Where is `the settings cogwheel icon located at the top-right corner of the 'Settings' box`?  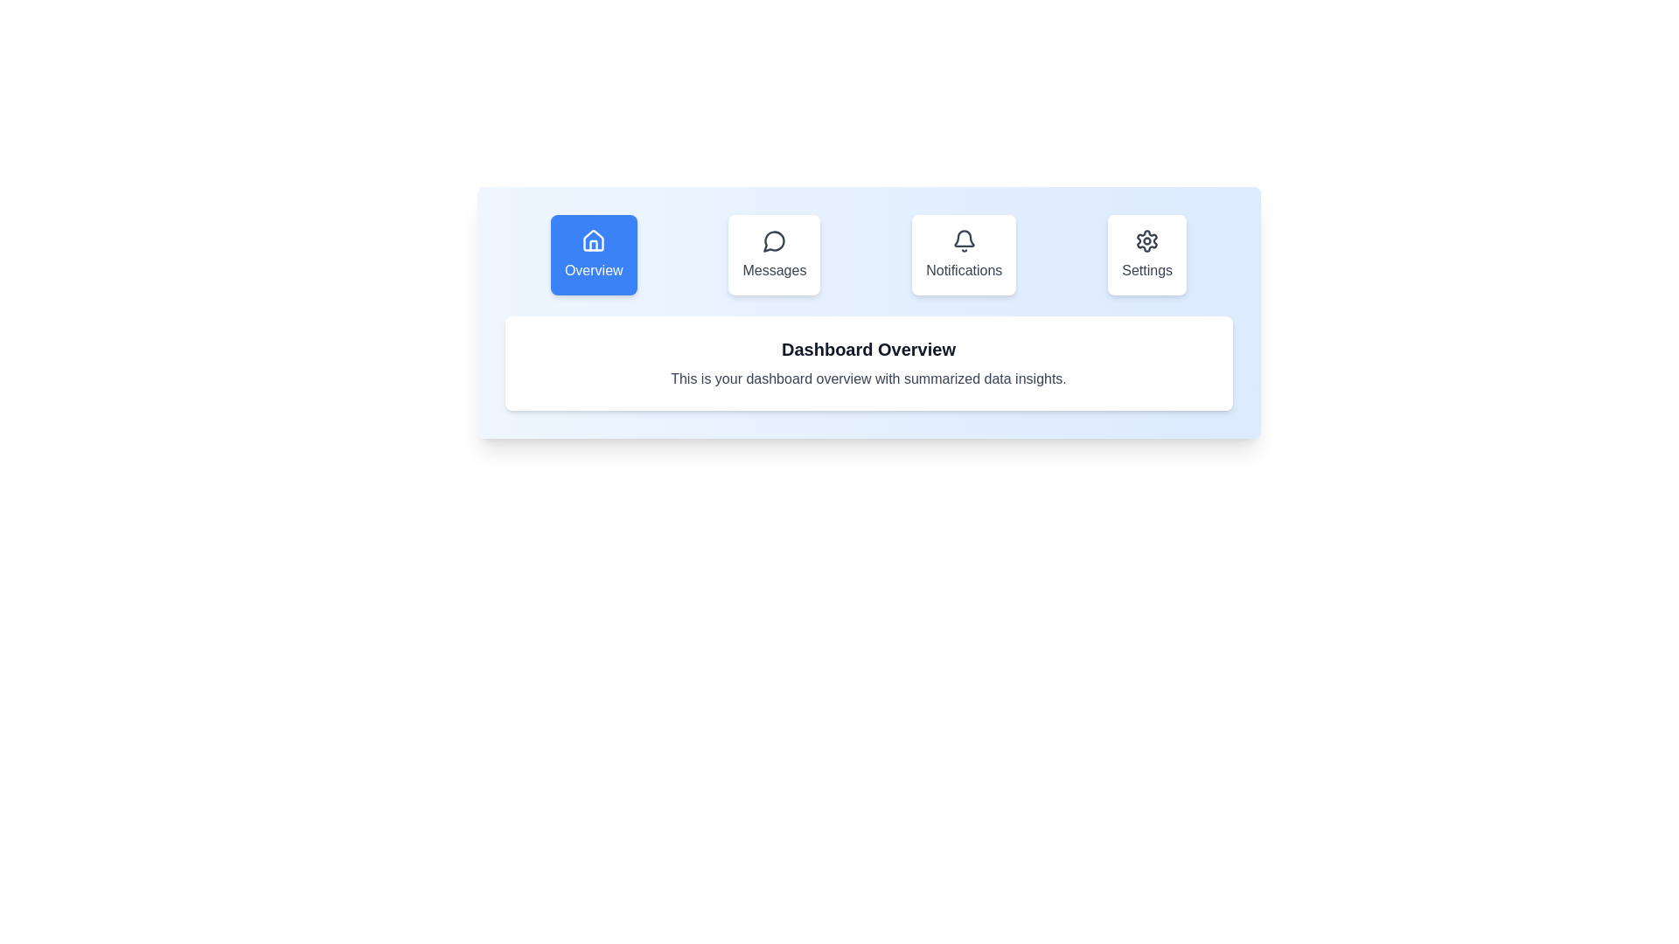
the settings cogwheel icon located at the top-right corner of the 'Settings' box is located at coordinates (1146, 241).